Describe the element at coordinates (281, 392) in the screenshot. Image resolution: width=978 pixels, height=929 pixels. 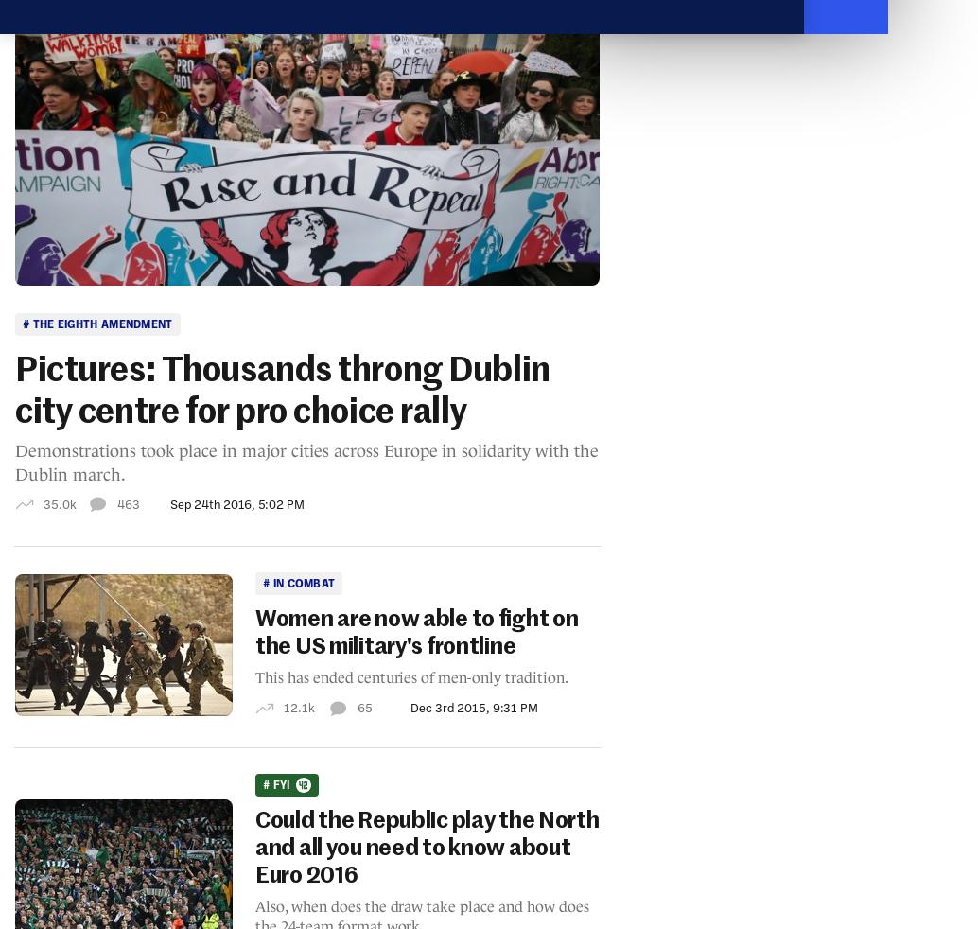
I see `'Pictures: Thousands throng Dublin city centre for pro choice rally'` at that location.